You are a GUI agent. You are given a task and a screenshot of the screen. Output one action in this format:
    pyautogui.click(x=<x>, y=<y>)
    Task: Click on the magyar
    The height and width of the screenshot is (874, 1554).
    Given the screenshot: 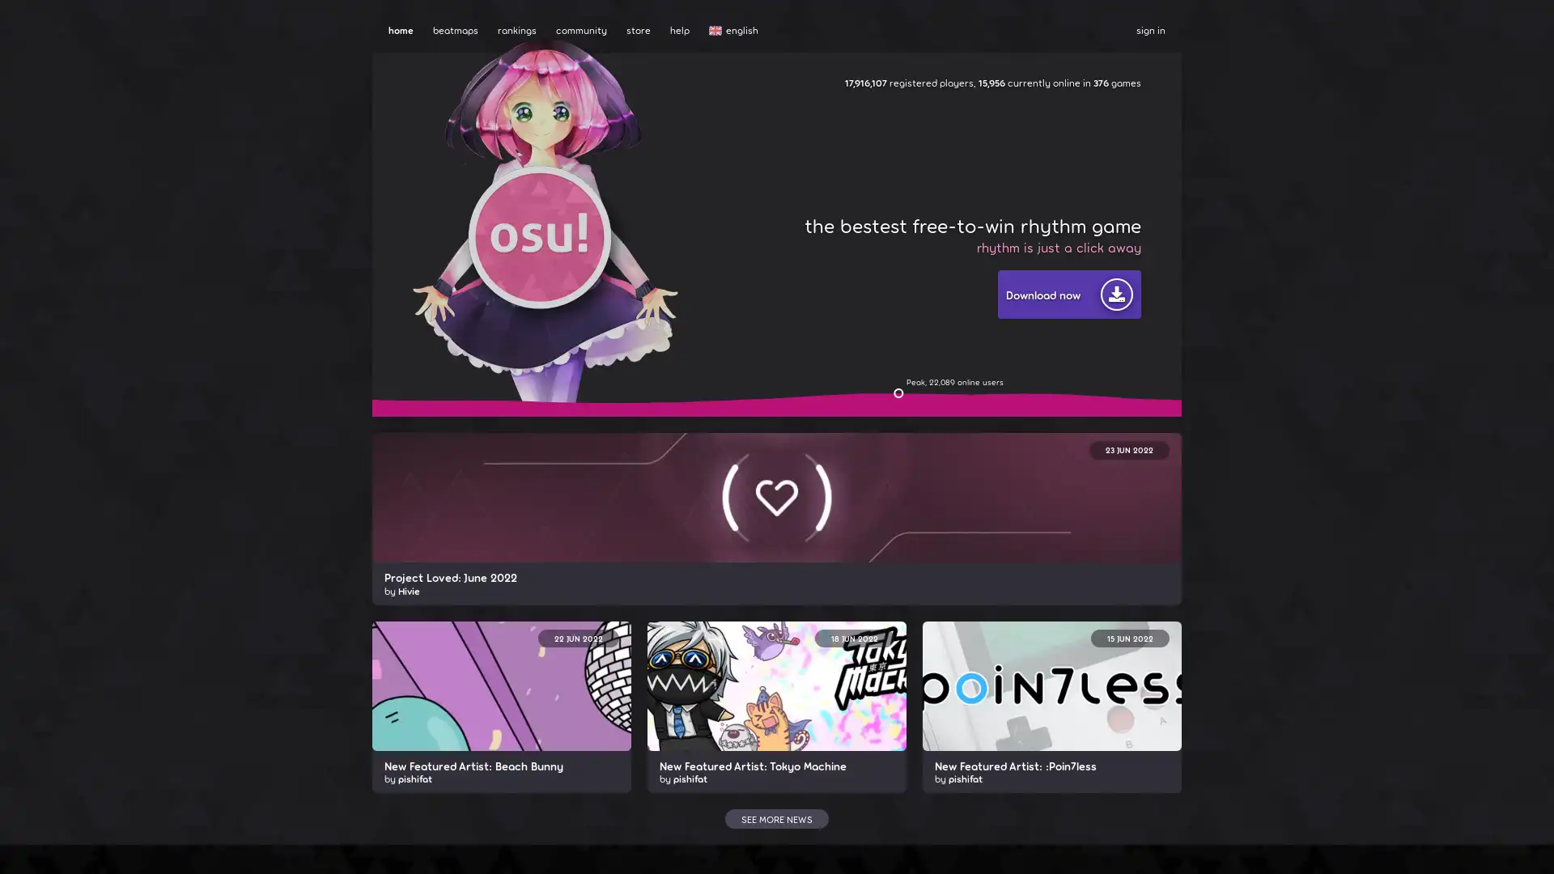 What is the action you would take?
    pyautogui.click(x=757, y=280)
    